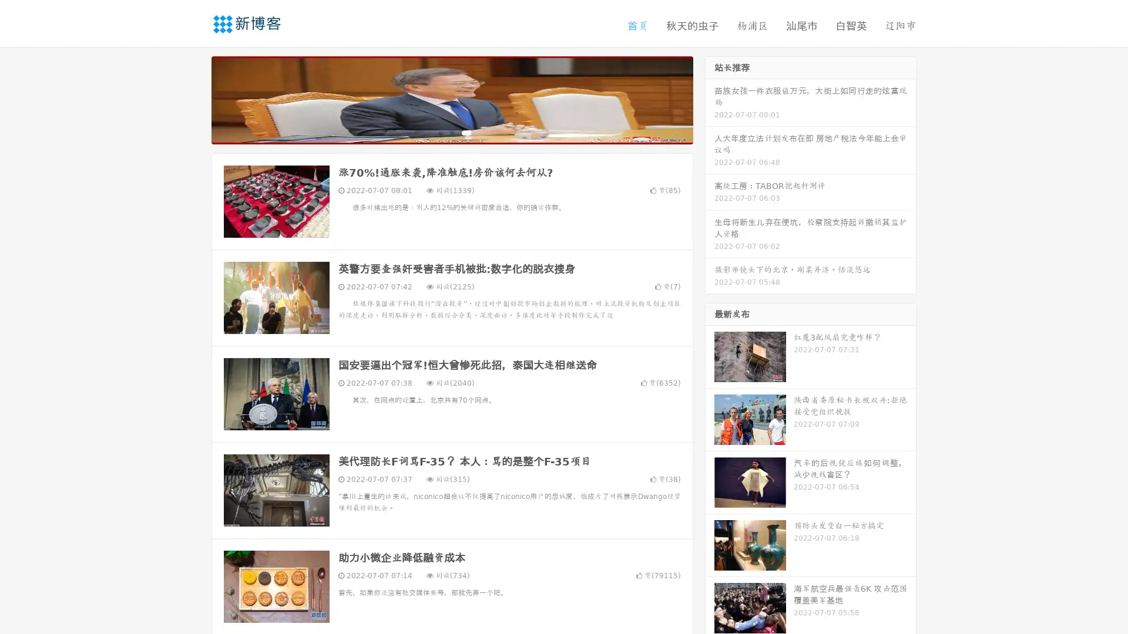 The width and height of the screenshot is (1128, 634). I want to click on Next slide, so click(710, 99).